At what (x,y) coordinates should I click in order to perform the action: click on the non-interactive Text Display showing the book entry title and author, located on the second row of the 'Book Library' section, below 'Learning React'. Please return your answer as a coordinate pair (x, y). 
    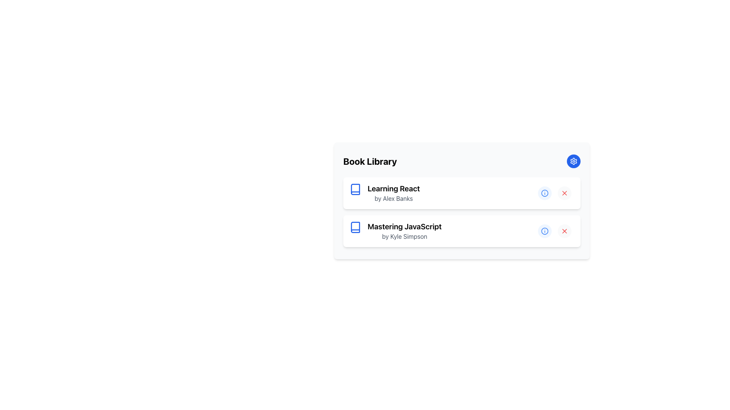
    Looking at the image, I should click on (404, 231).